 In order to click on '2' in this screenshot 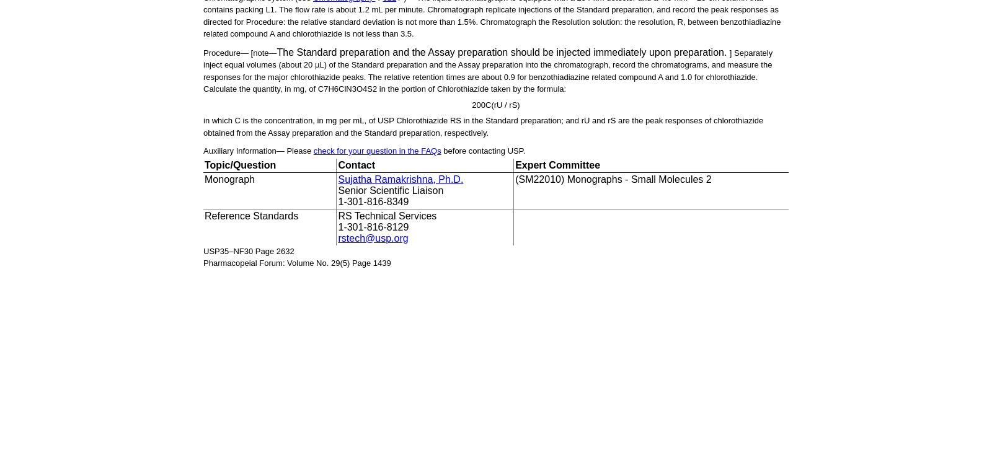, I will do `click(371, 88)`.